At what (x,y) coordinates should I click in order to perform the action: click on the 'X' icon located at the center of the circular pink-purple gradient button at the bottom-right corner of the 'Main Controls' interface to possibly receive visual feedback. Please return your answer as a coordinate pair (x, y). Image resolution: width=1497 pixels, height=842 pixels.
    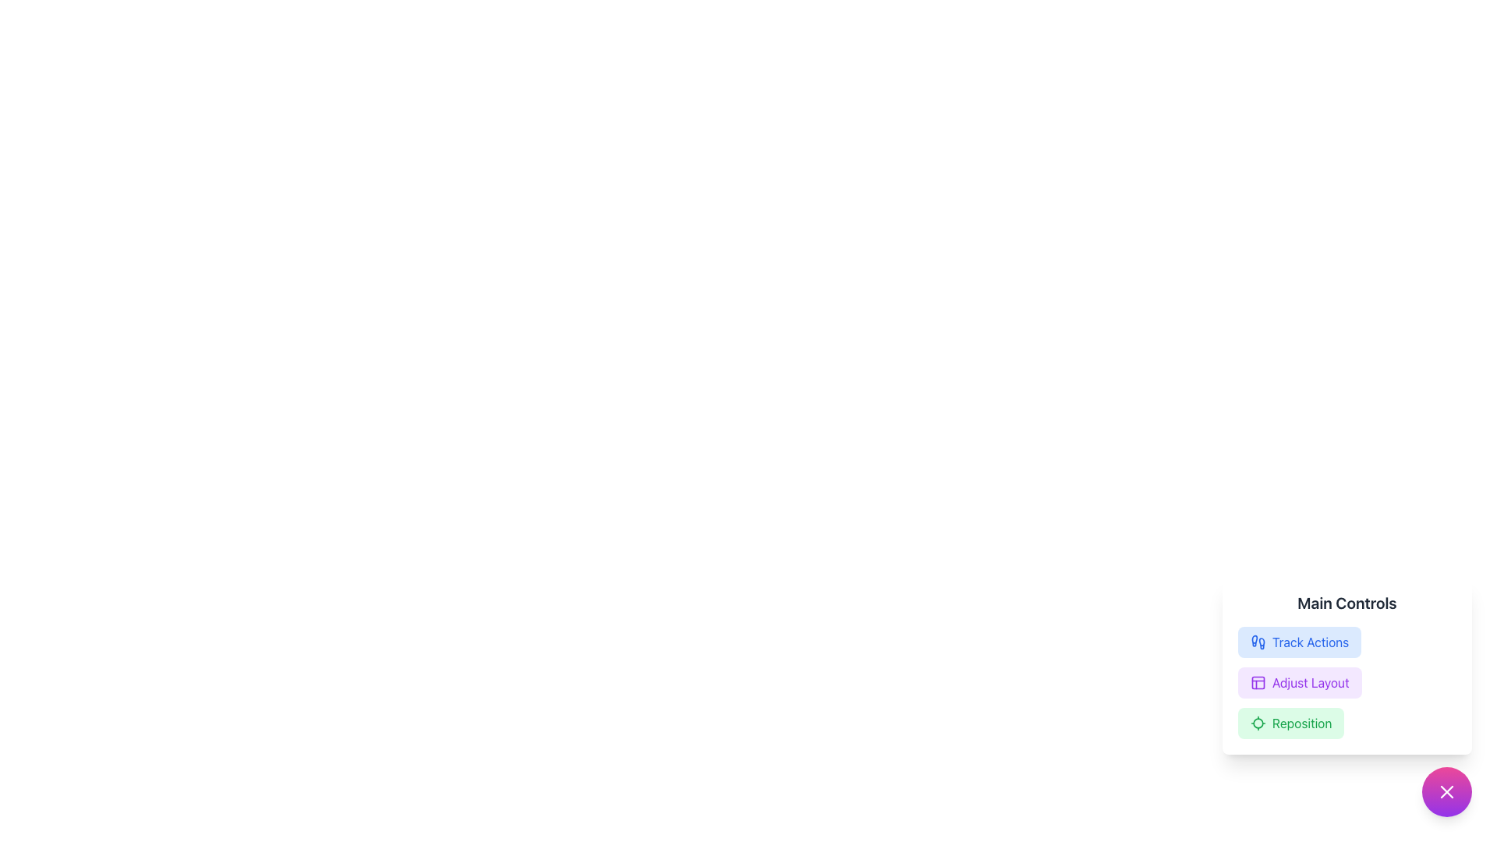
    Looking at the image, I should click on (1446, 791).